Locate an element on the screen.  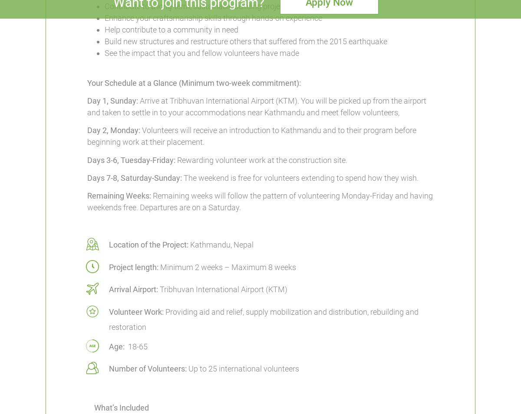
'What’s Included' is located at coordinates (93, 407).